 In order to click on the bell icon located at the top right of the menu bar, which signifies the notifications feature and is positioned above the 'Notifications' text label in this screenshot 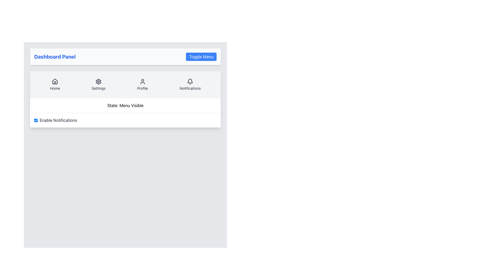, I will do `click(190, 82)`.